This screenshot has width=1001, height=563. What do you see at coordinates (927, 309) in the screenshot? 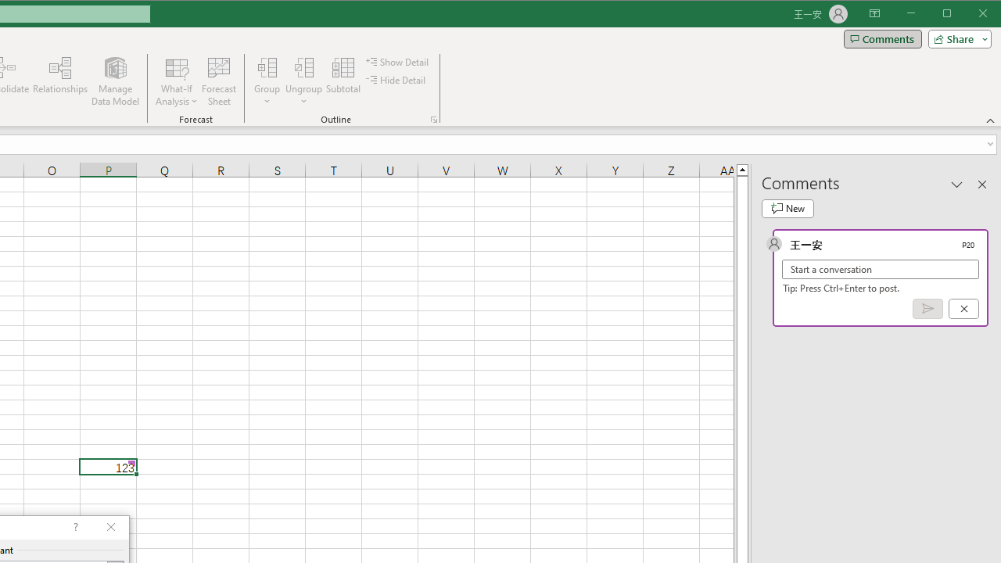
I see `'Post comment (Ctrl + Enter)'` at bounding box center [927, 309].